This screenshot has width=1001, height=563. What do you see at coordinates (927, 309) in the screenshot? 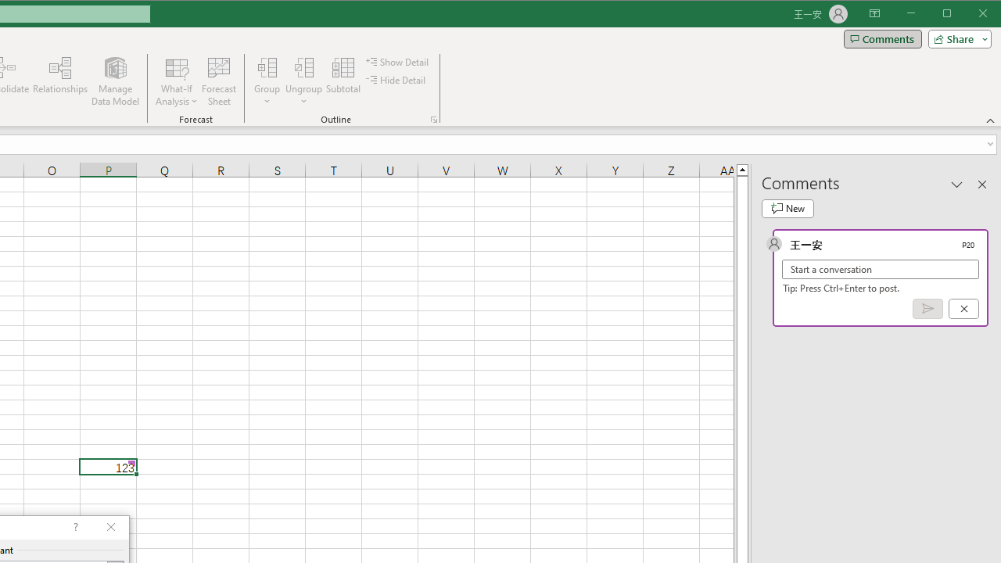
I see `'Post comment (Ctrl + Enter)'` at bounding box center [927, 309].